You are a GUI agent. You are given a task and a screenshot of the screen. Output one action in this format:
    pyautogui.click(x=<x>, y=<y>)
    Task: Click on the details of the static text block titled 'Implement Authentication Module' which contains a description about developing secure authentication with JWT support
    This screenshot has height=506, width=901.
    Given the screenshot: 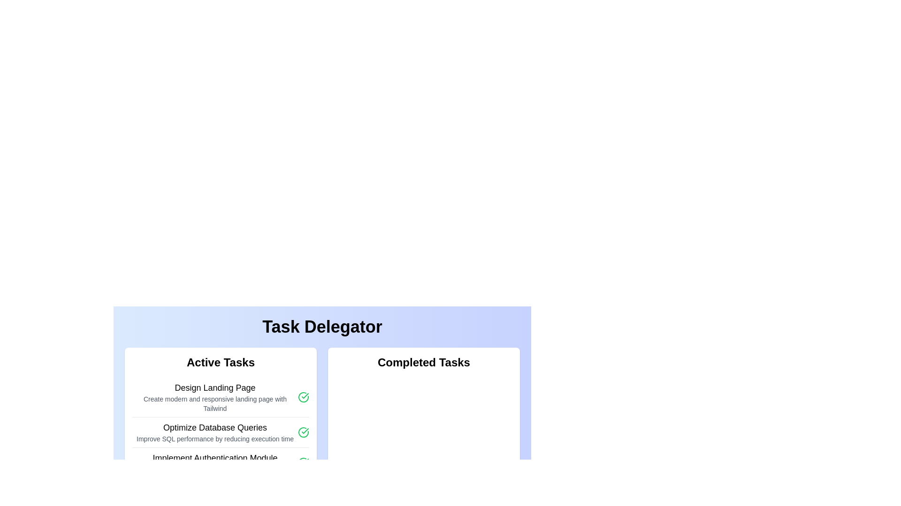 What is the action you would take?
    pyautogui.click(x=214, y=462)
    